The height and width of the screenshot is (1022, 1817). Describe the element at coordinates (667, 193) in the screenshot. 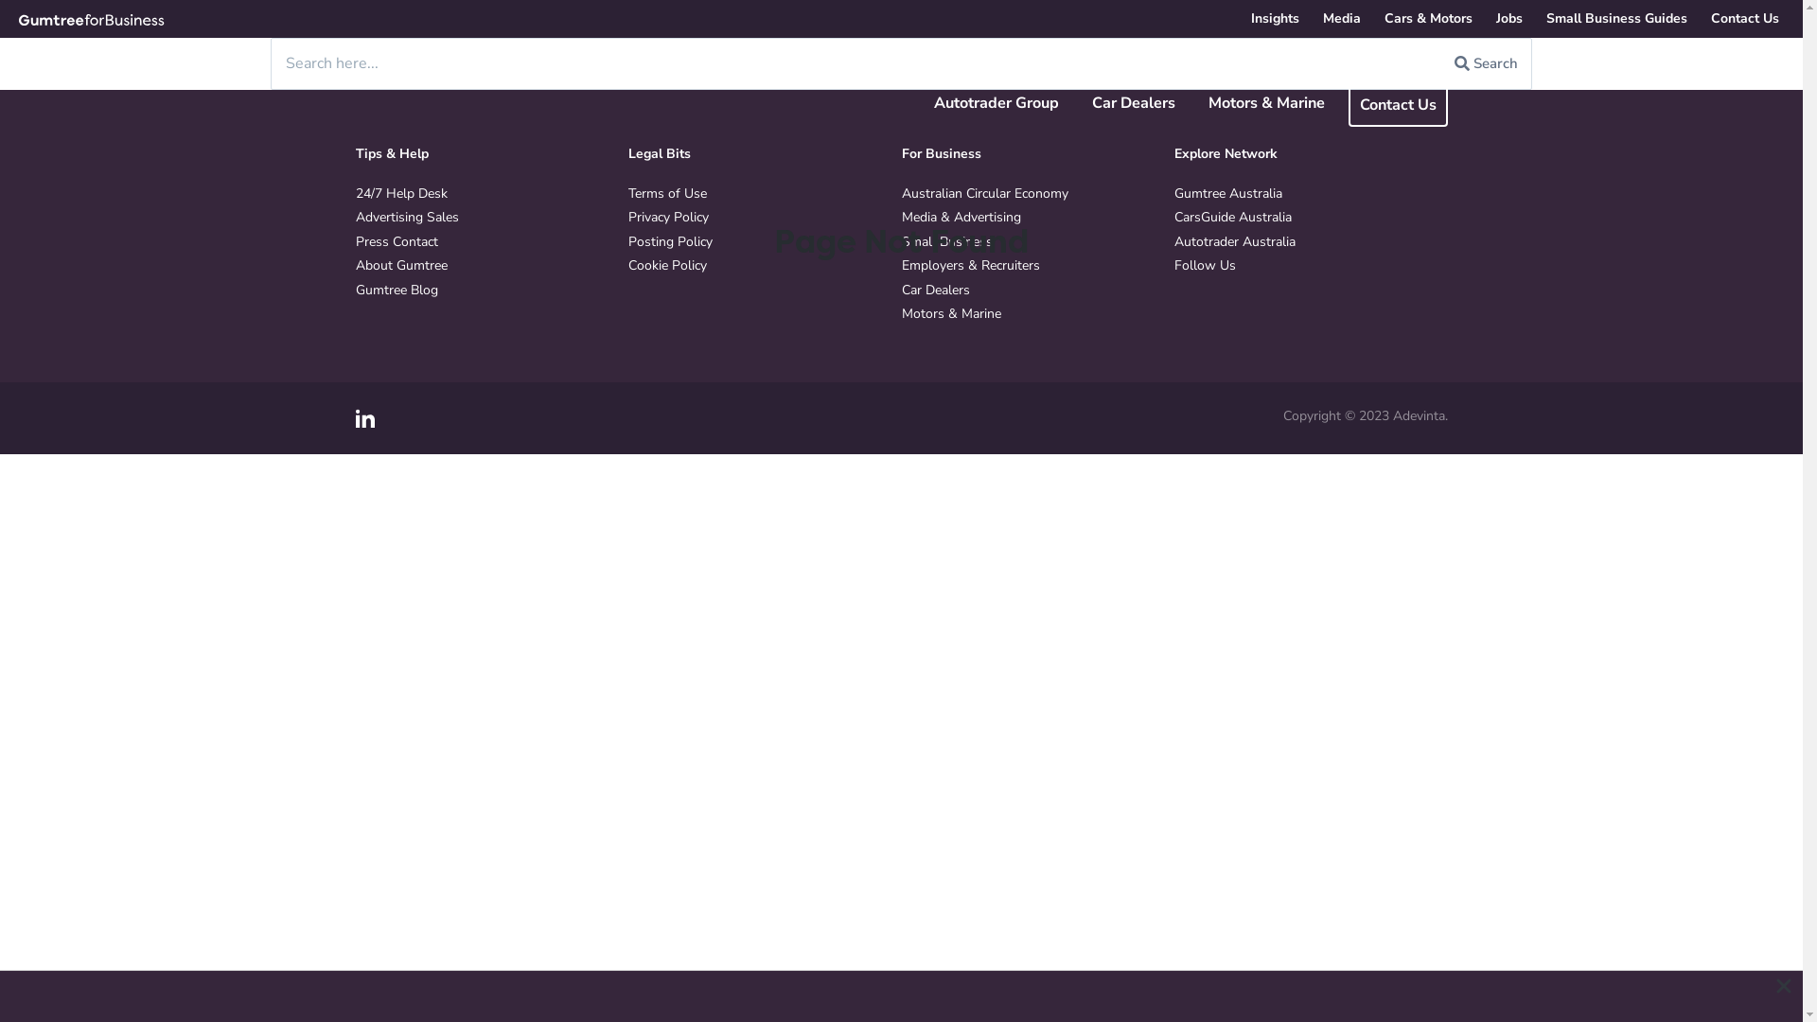

I see `'Terms of Use'` at that location.